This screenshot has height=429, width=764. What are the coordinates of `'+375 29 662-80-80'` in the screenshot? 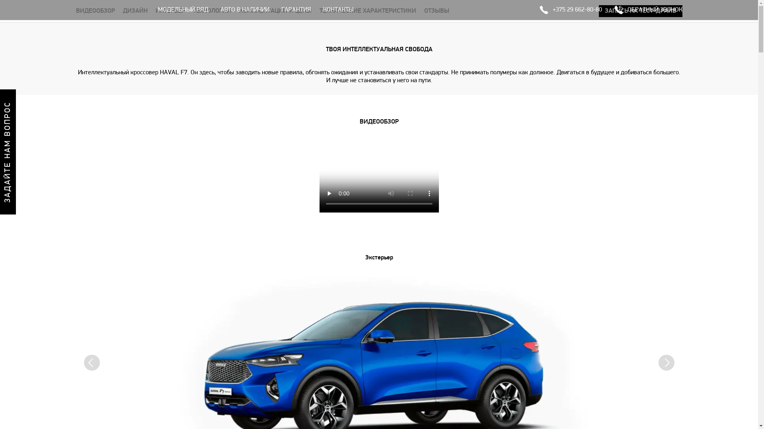 It's located at (538, 10).